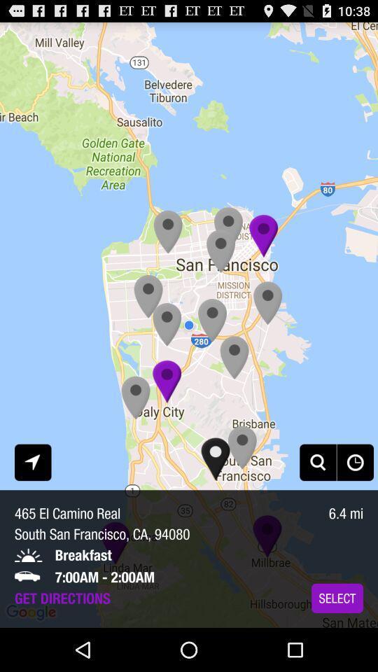 This screenshot has width=378, height=672. What do you see at coordinates (33, 461) in the screenshot?
I see `the icon above the 465 el camino app` at bounding box center [33, 461].